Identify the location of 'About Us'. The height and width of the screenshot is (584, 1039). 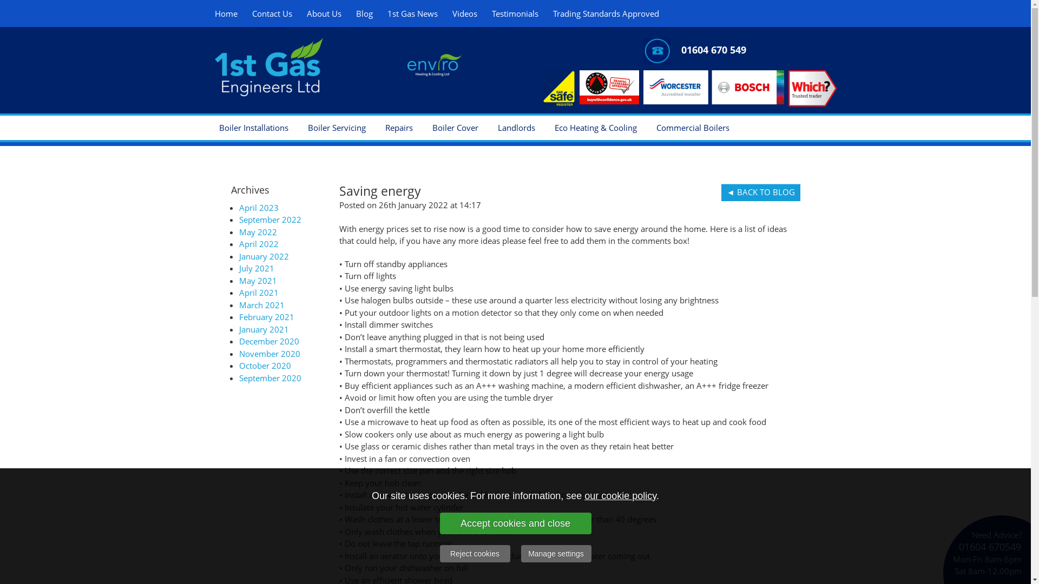
(323, 13).